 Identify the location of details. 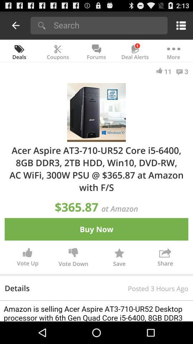
(96, 311).